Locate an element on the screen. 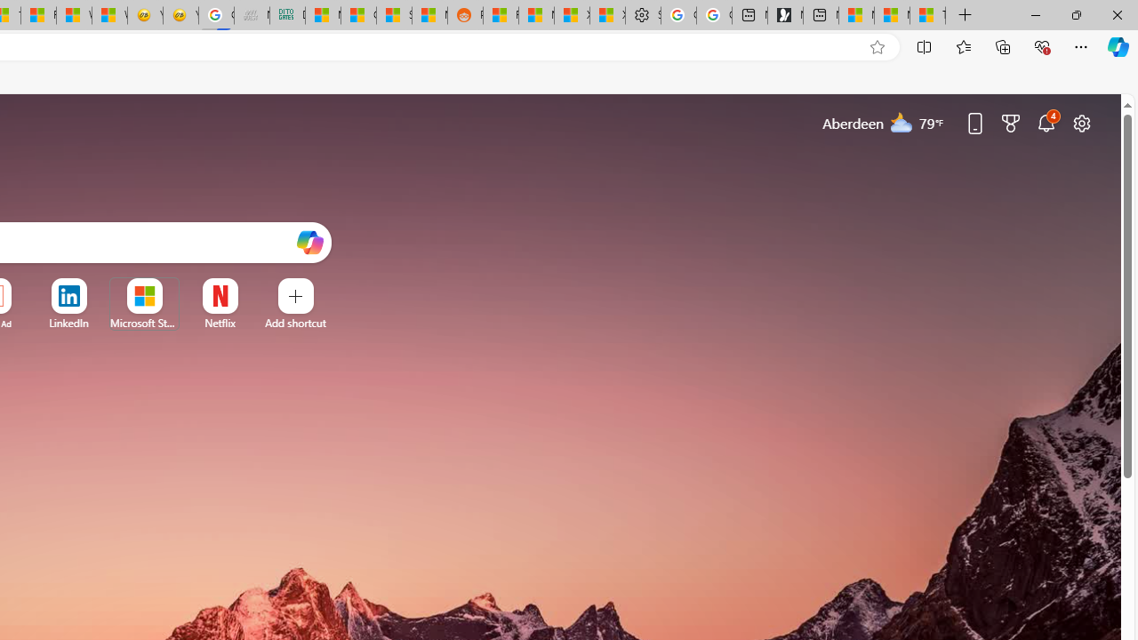 The height and width of the screenshot is (640, 1138). 'These 3 Stocks Pay You More Than 5% to Own Them' is located at coordinates (926, 15).